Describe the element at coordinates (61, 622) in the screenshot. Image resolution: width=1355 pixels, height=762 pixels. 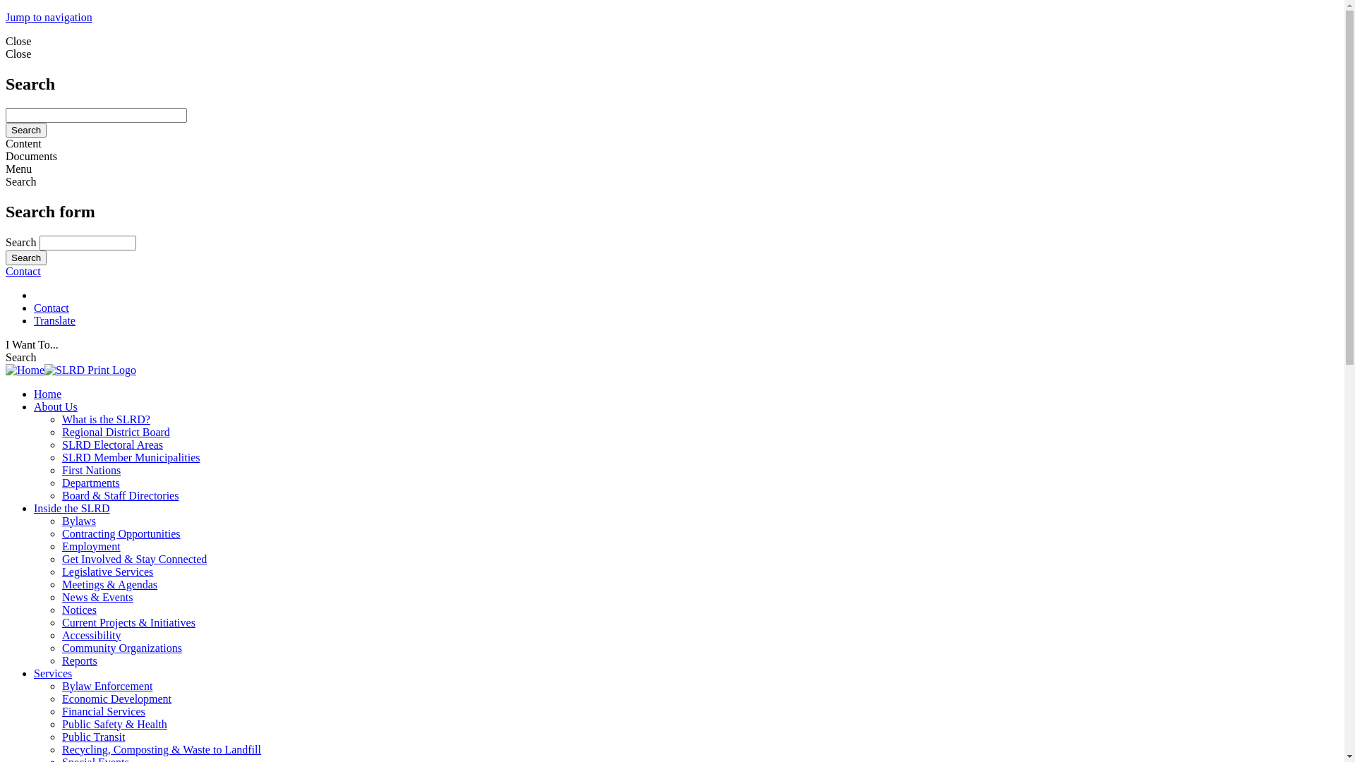
I see `'Current Projects & Initiatives'` at that location.